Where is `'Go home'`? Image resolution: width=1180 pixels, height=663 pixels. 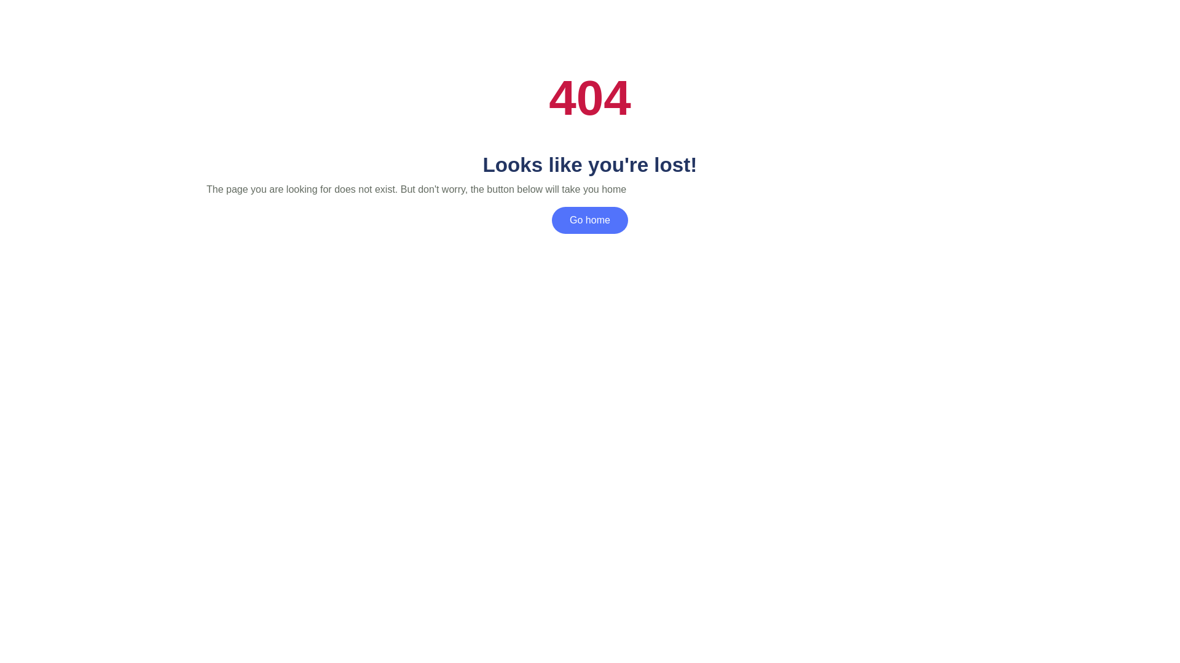
'Go home' is located at coordinates (589, 219).